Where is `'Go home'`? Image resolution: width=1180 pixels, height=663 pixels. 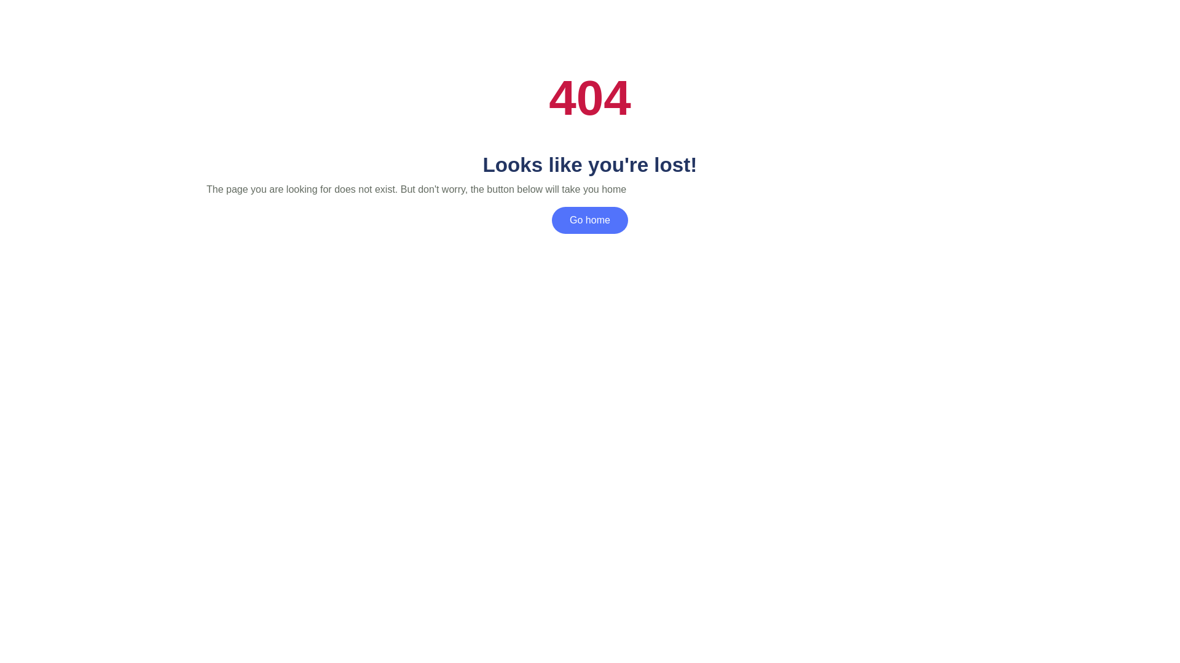
'Go home' is located at coordinates (589, 219).